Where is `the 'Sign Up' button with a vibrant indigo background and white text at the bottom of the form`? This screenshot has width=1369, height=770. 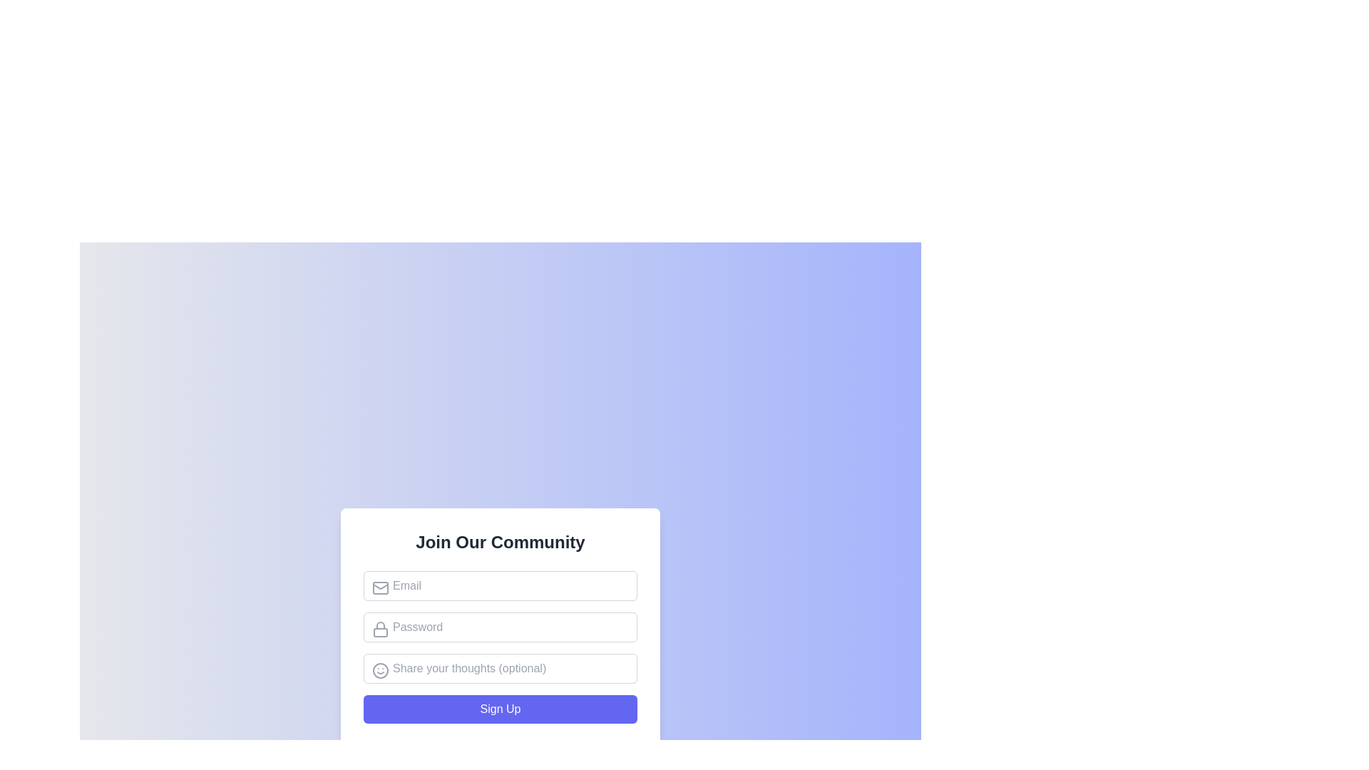 the 'Sign Up' button with a vibrant indigo background and white text at the bottom of the form is located at coordinates (500, 709).